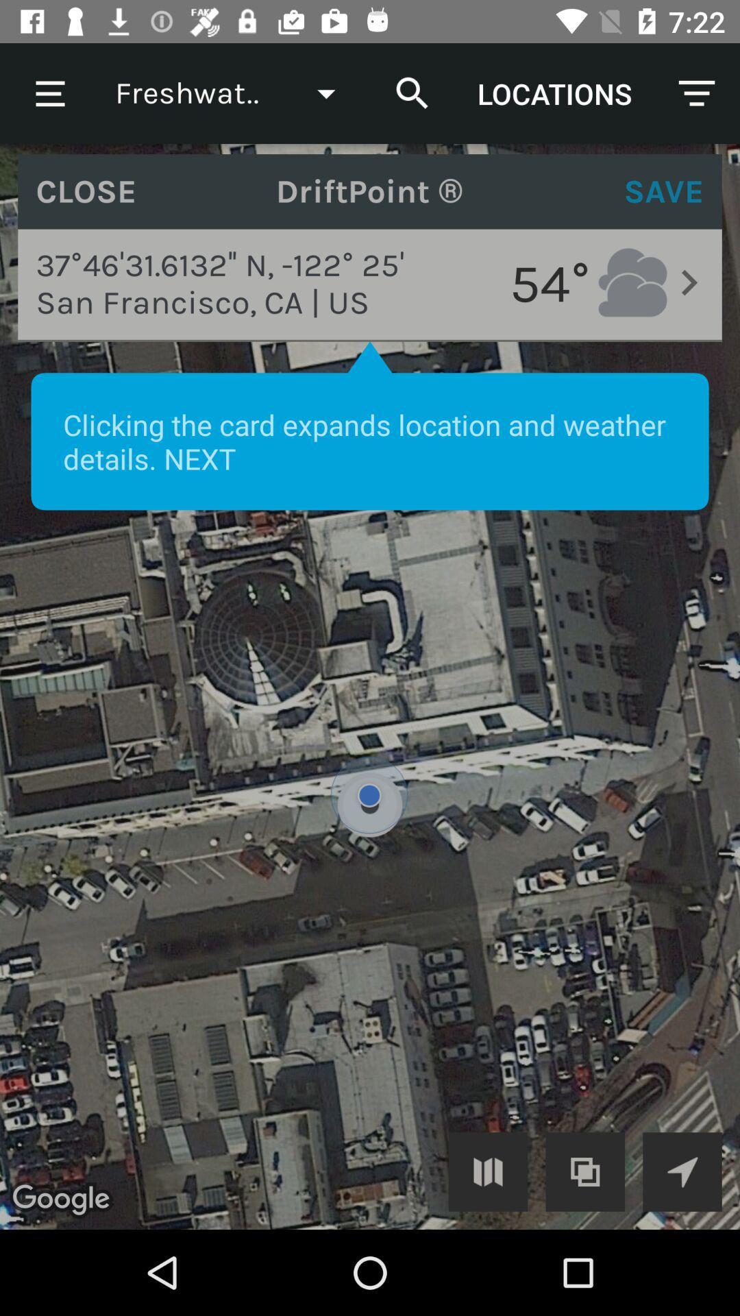  What do you see at coordinates (487, 1171) in the screenshot?
I see `expand the image` at bounding box center [487, 1171].